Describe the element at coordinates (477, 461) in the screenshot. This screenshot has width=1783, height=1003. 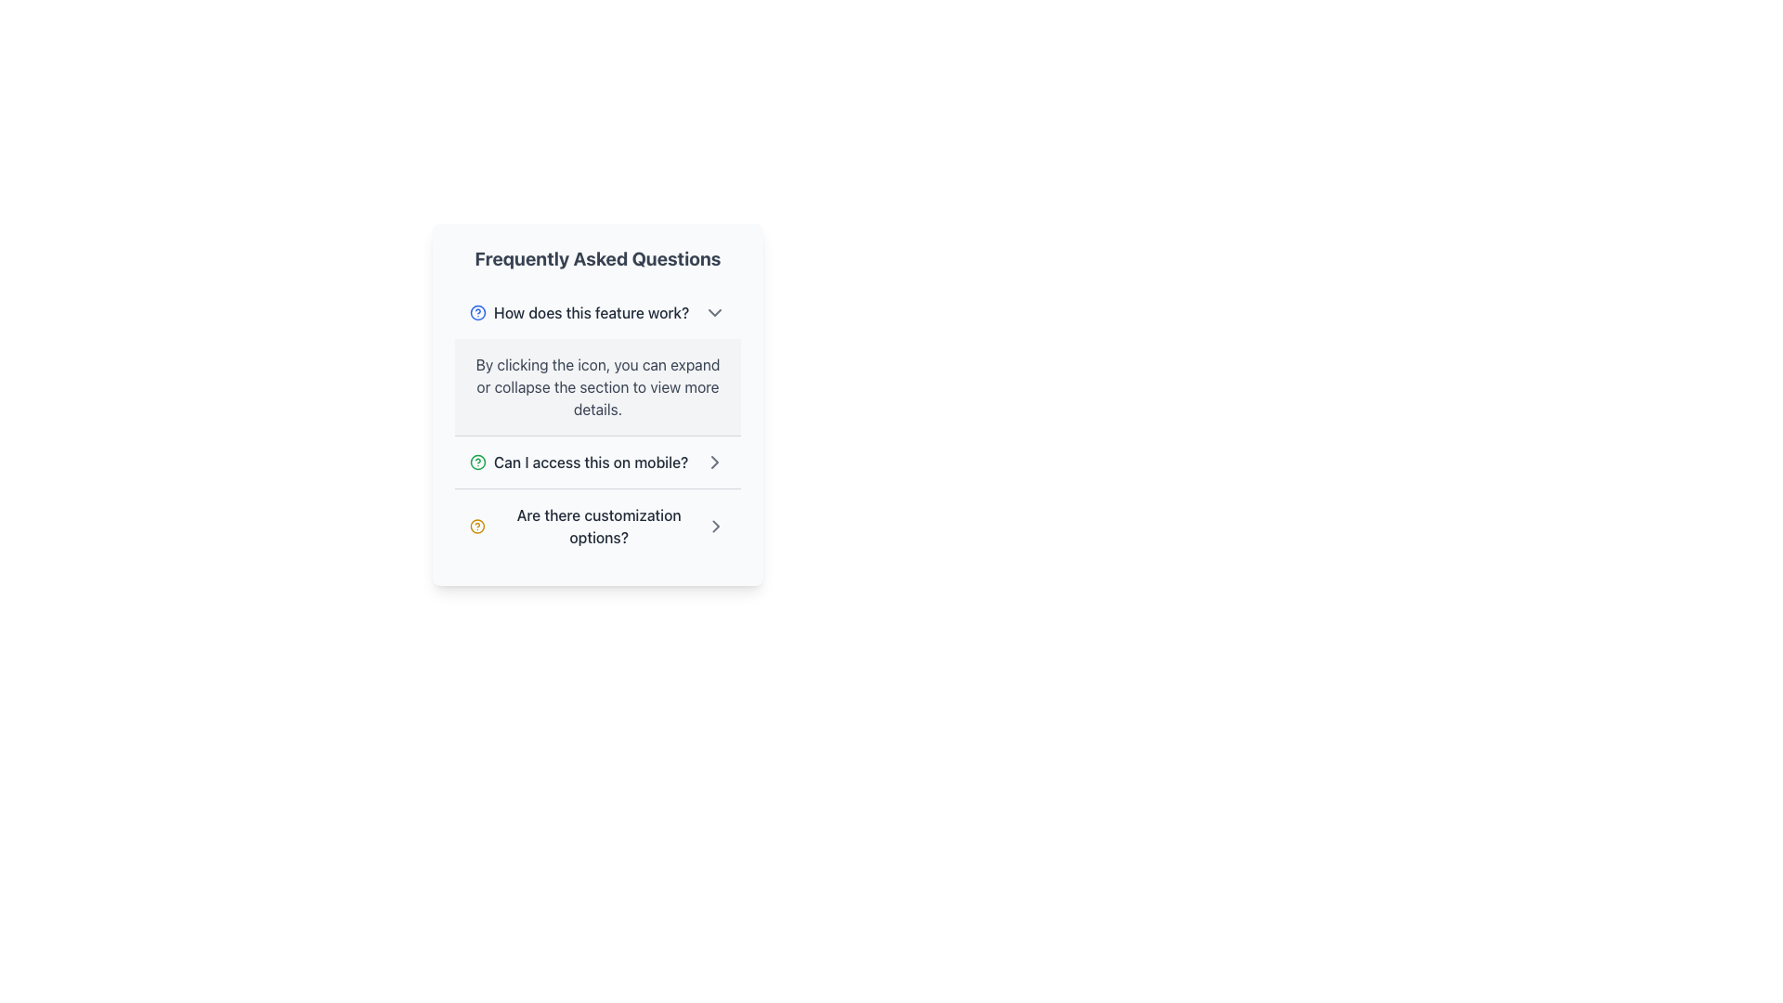
I see `the green circular icon with a white question mark located at the leftmost side of the 'Can I access this on mobile?' section in the FAQ widget to get more information` at that location.